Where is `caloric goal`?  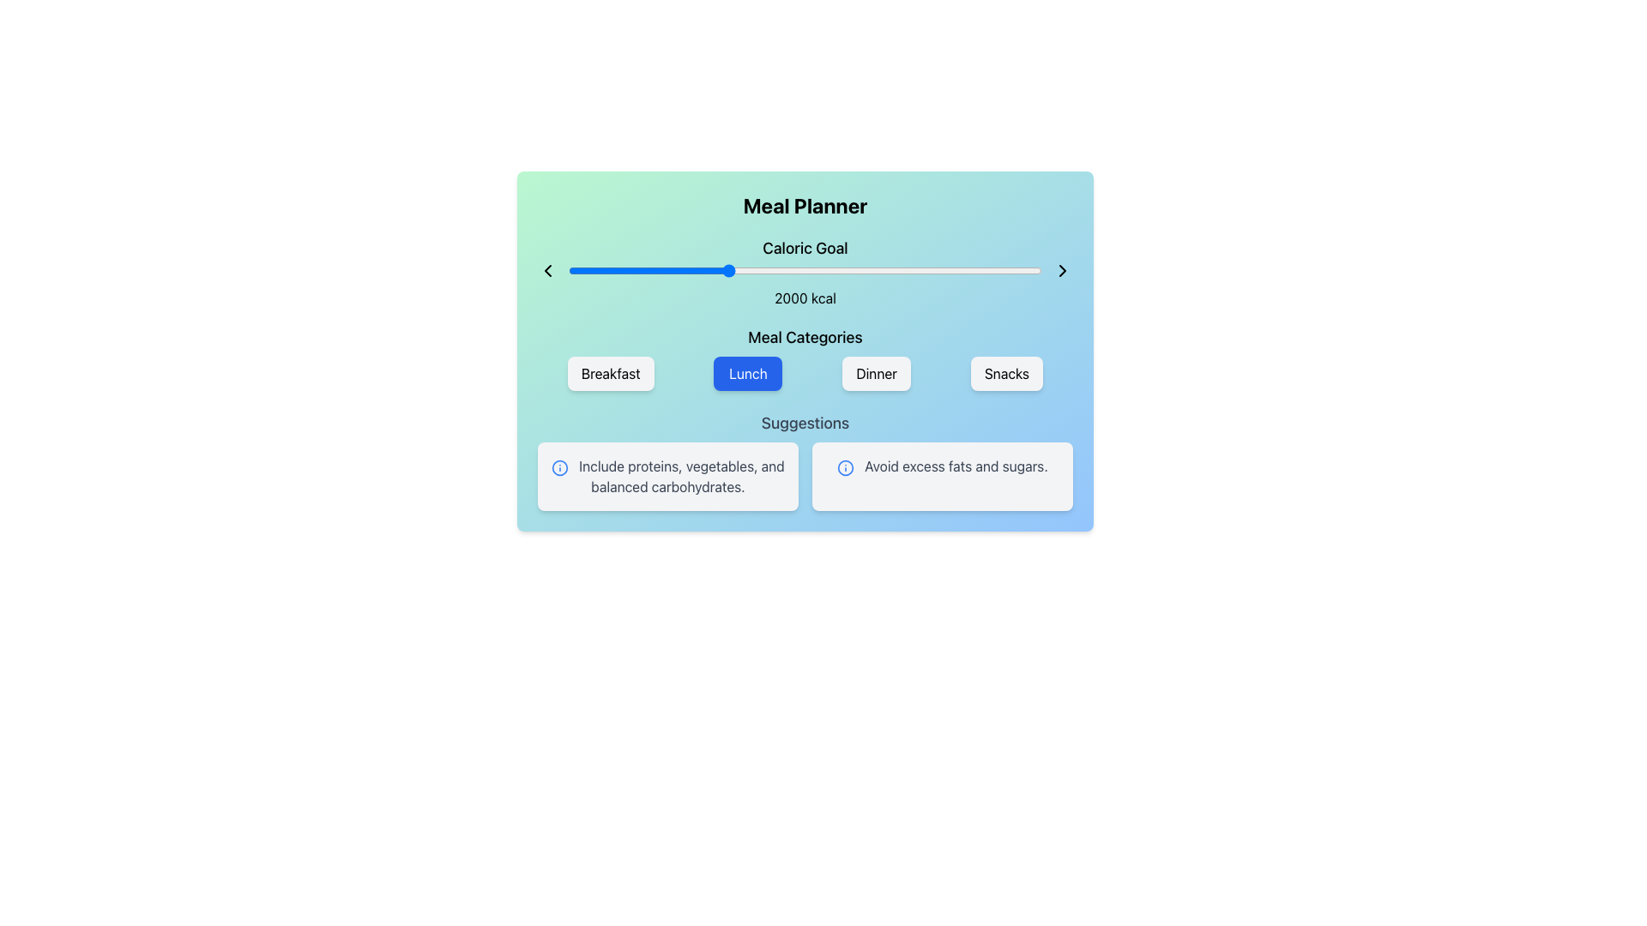 caloric goal is located at coordinates (824, 270).